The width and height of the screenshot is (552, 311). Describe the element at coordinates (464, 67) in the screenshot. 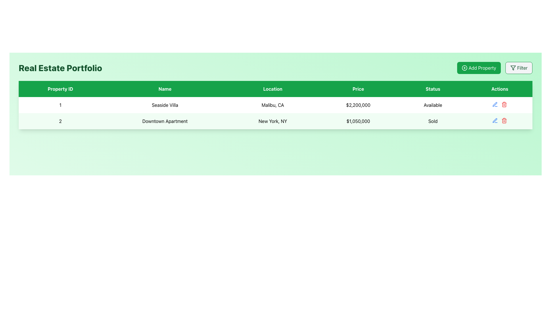

I see `the icon representing the action of adding a property, located to the left of the 'Add Property' text in the interface header` at that location.